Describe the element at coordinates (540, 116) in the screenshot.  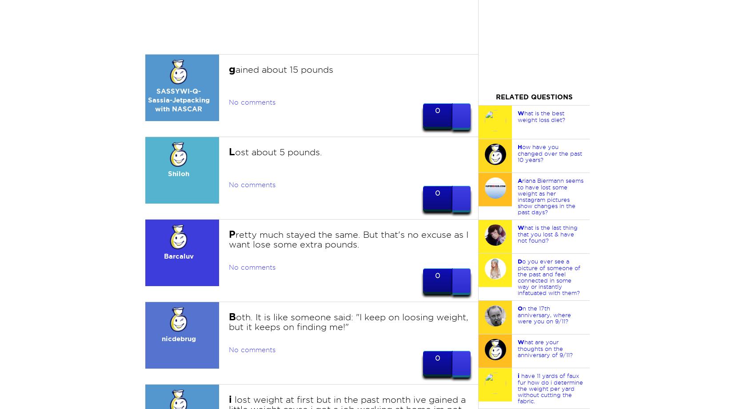
I see `'hat is the best weight loss diet?'` at that location.